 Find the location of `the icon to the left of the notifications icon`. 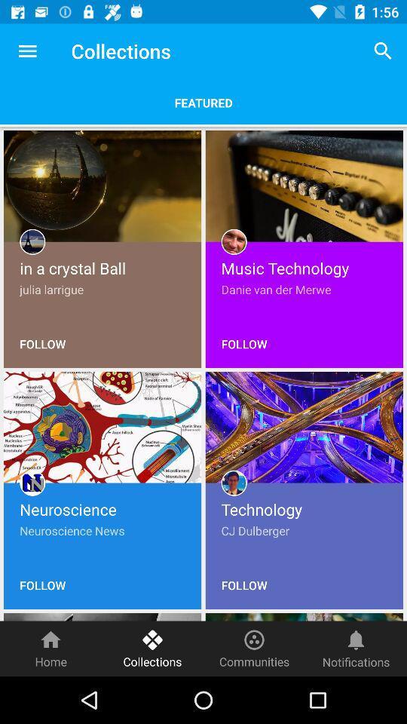

the icon to the left of the notifications icon is located at coordinates (254, 648).